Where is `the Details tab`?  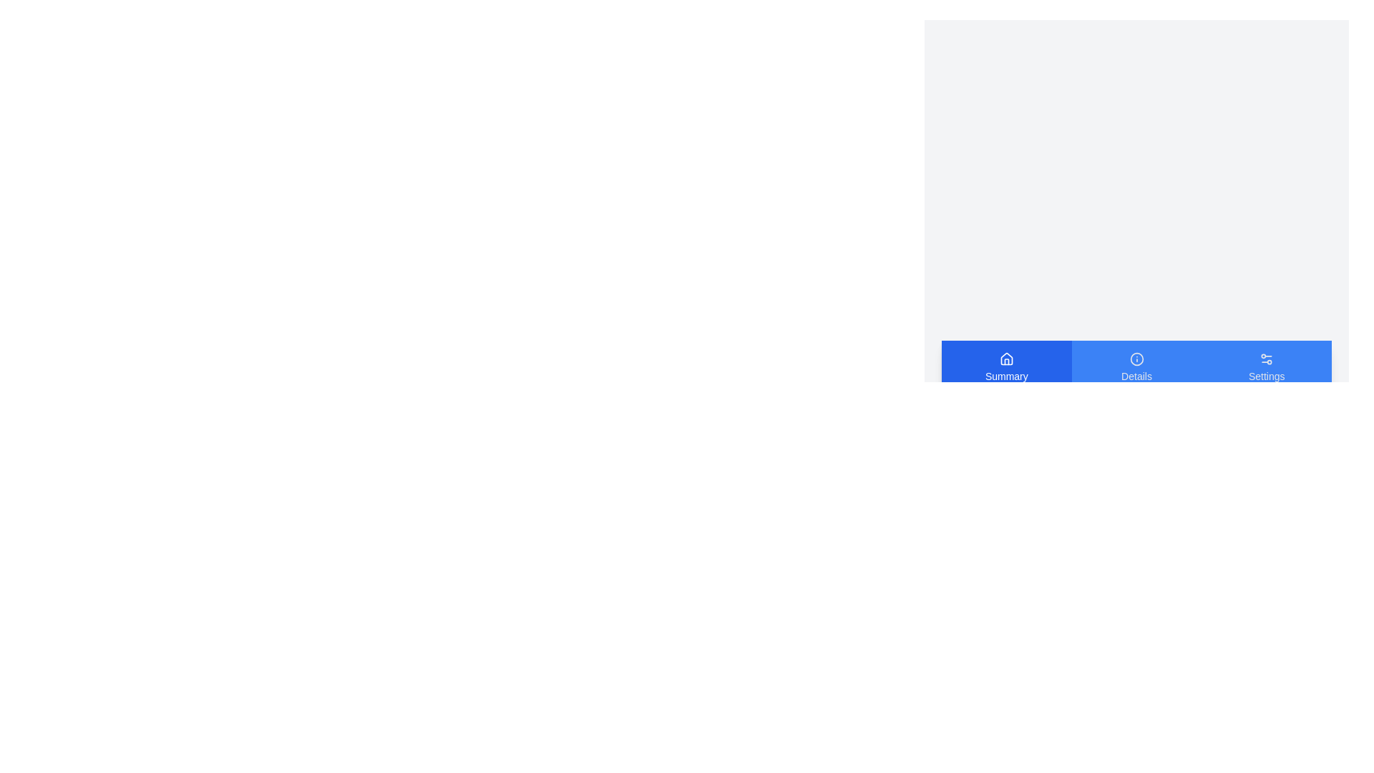 the Details tab is located at coordinates (1136, 366).